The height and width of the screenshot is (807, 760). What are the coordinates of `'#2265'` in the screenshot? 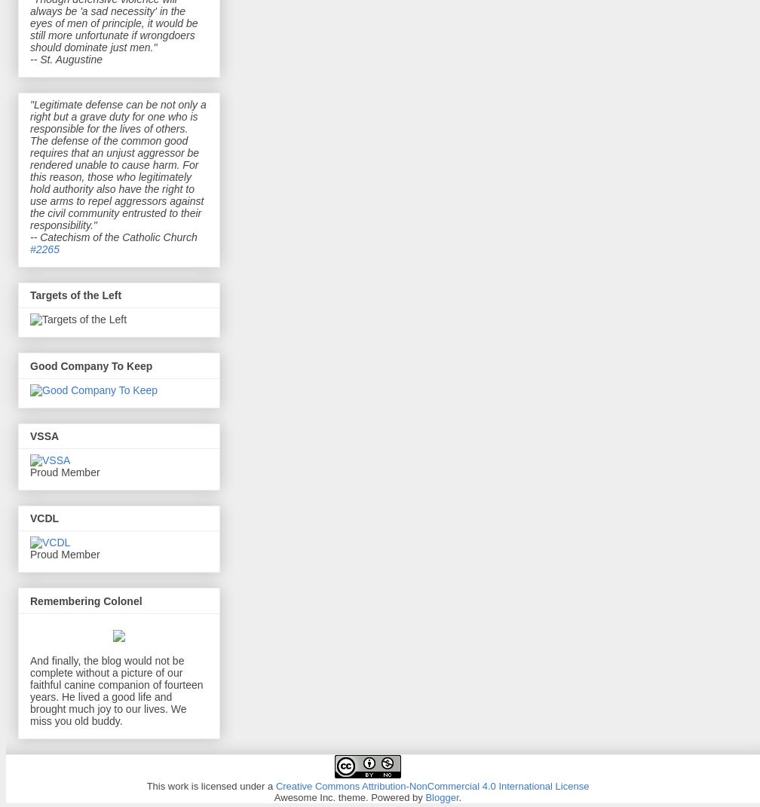 It's located at (44, 247).